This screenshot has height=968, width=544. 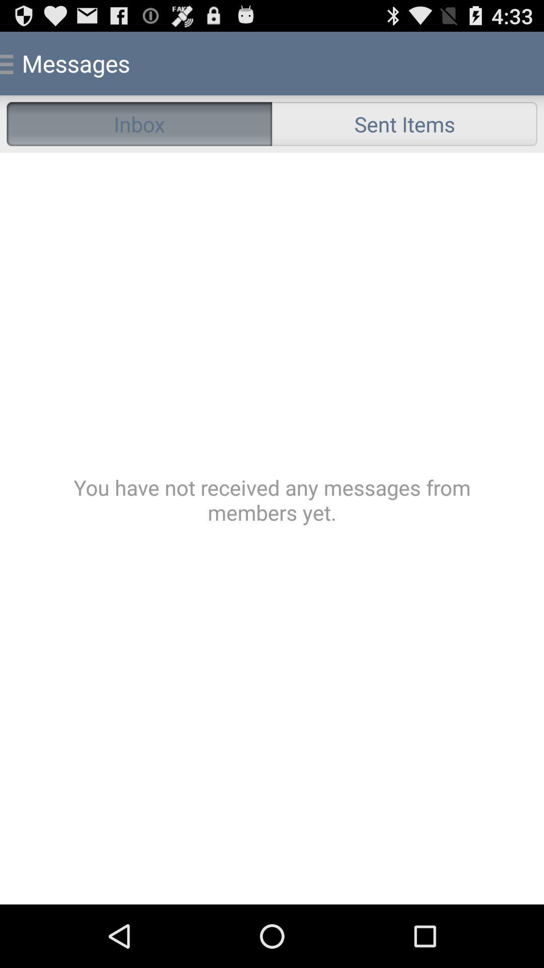 What do you see at coordinates (139, 123) in the screenshot?
I see `the icon below the messages app` at bounding box center [139, 123].